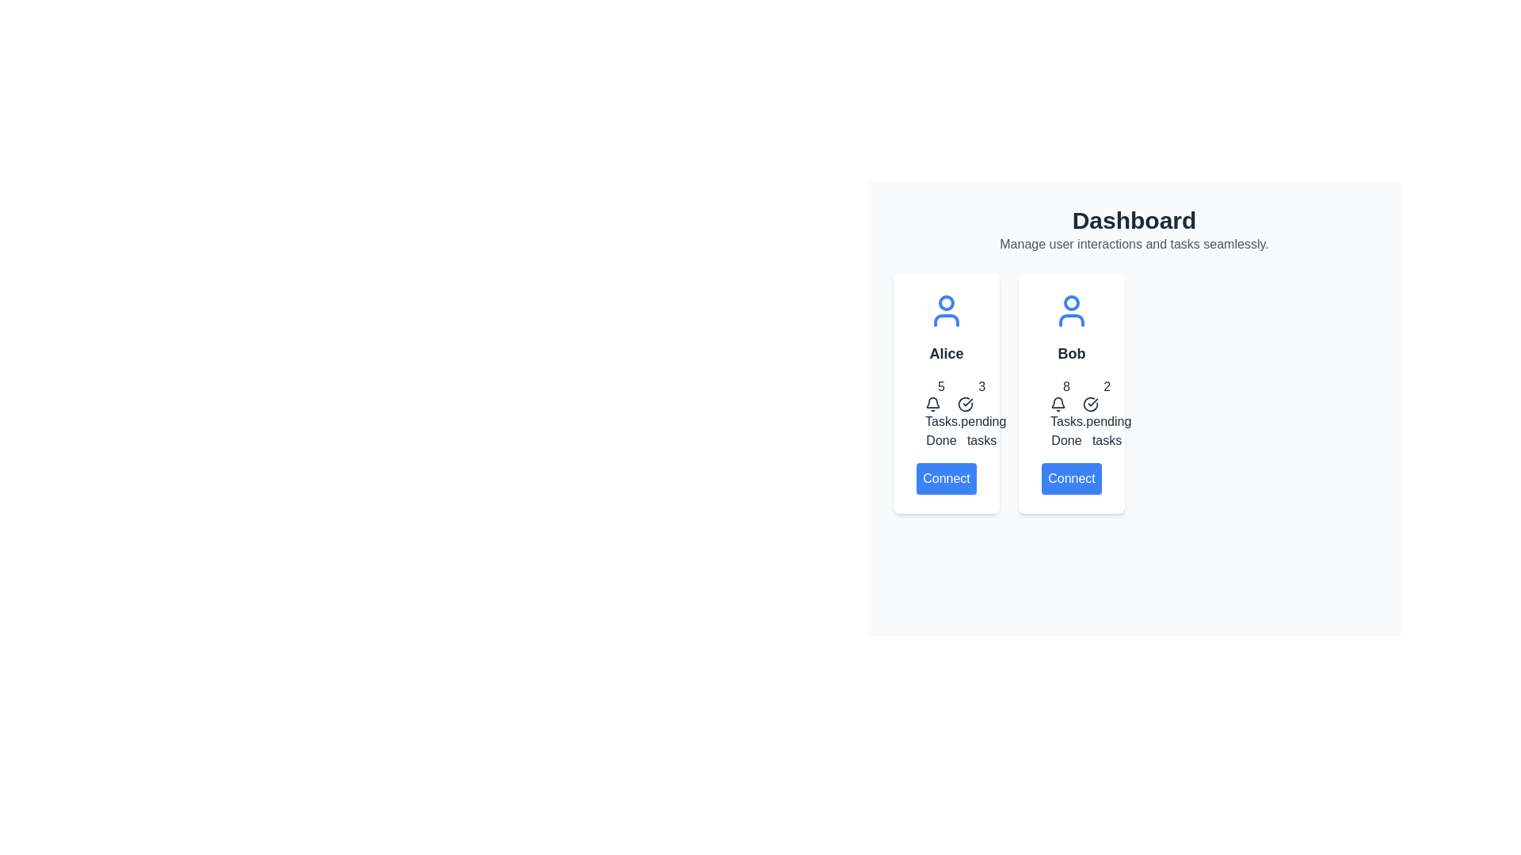  What do you see at coordinates (1089, 403) in the screenshot?
I see `the status icon indicating the number of completed tasks for the user named Bob, located to the left of 'Done tasks' and below the number 2` at bounding box center [1089, 403].